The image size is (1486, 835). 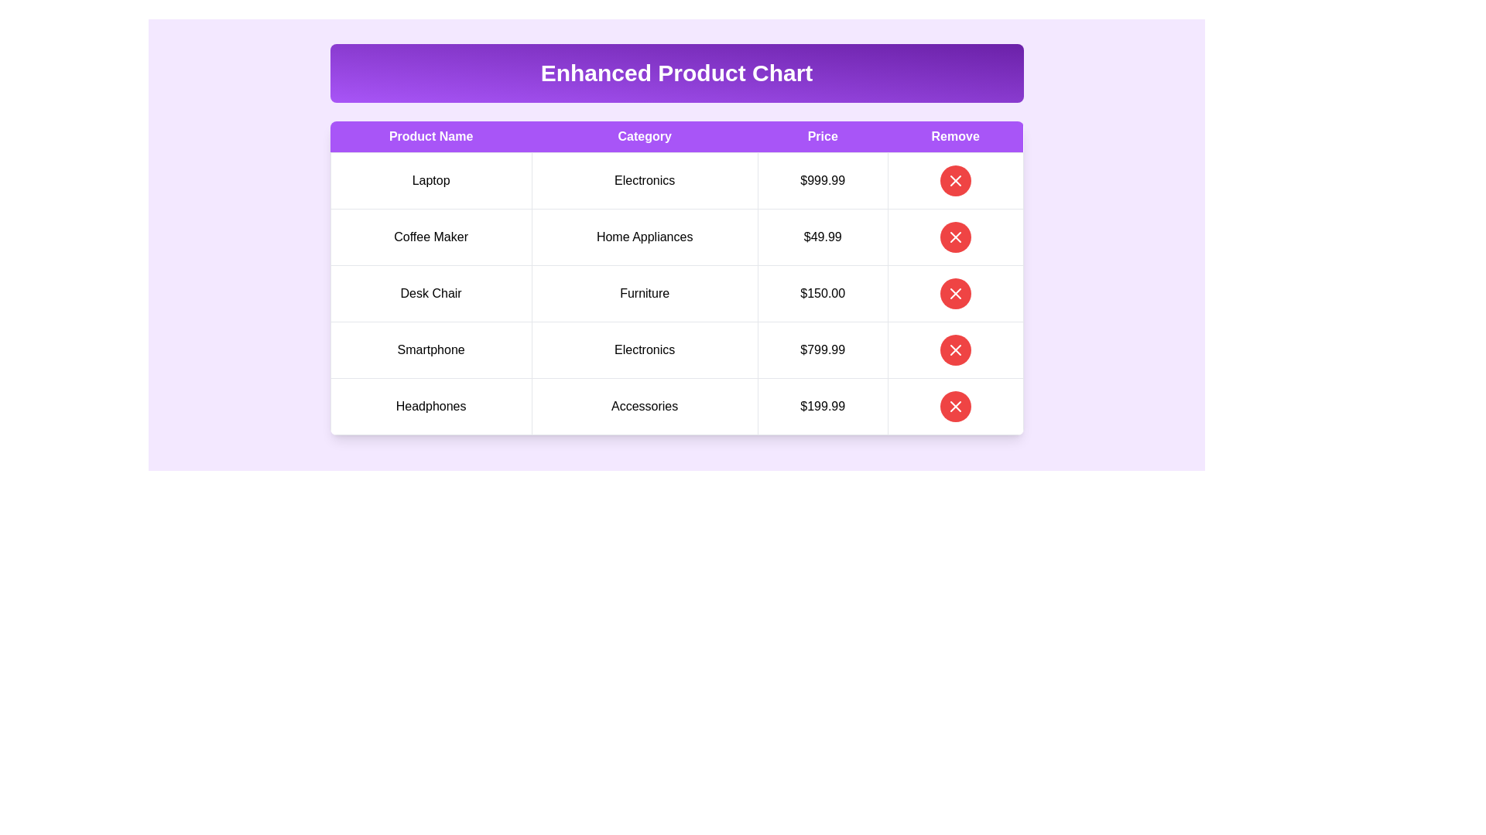 I want to click on the close/remove icon located in the fourth row of the table, so click(x=954, y=349).